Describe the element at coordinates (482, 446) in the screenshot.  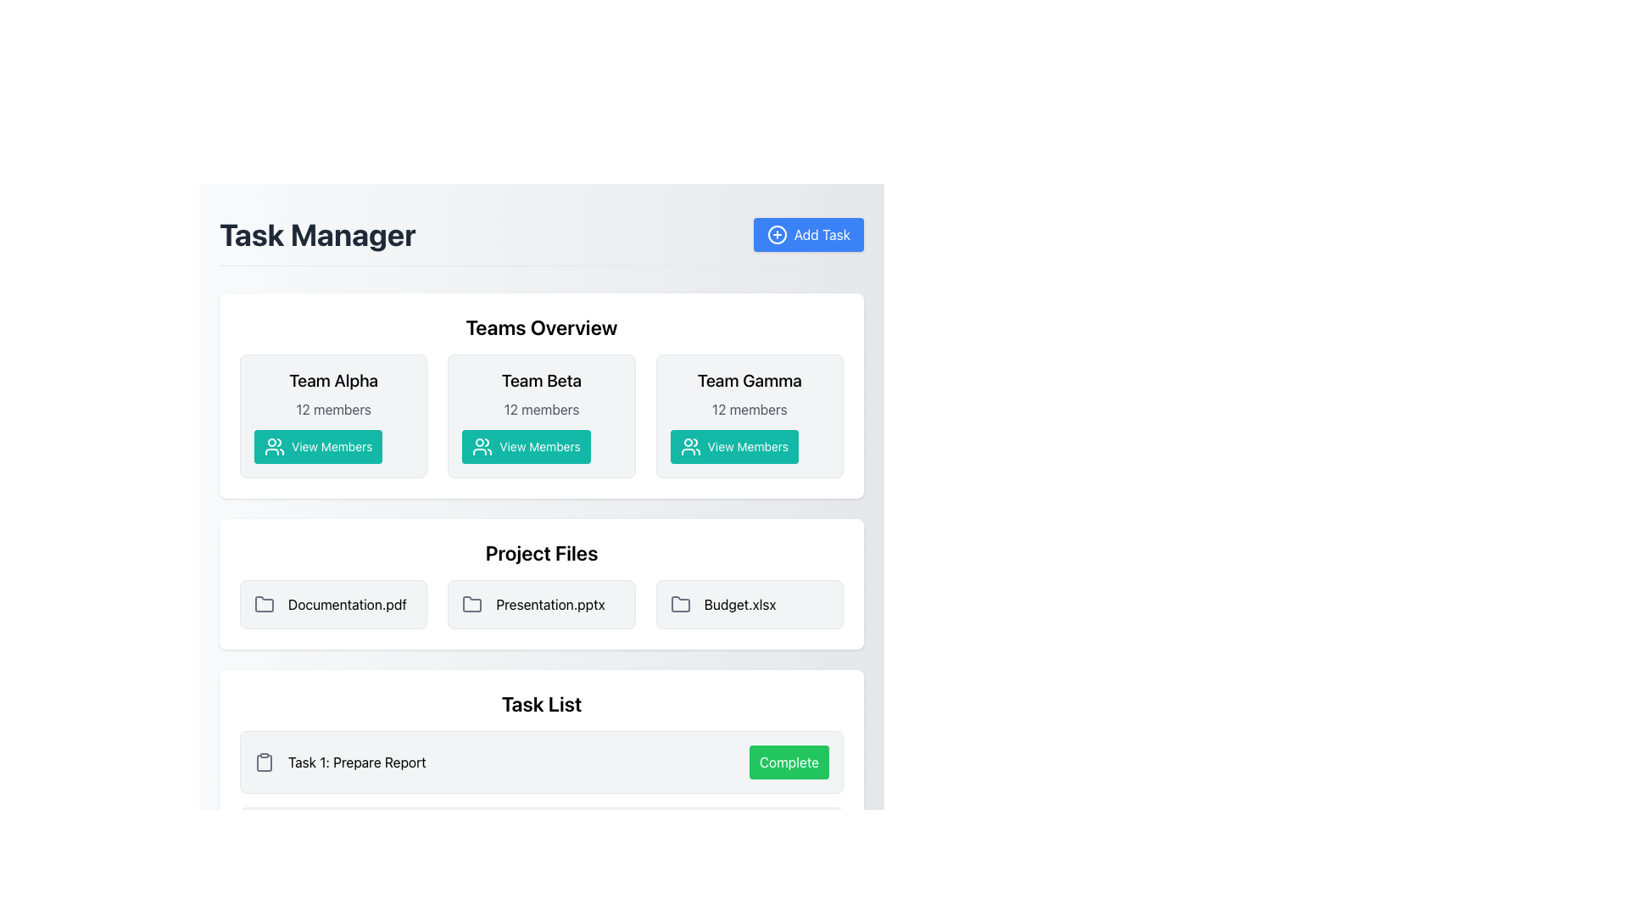
I see `the user icon within the 'View Members' button, which has a teal background and is part of the 'Team Beta' card` at that location.